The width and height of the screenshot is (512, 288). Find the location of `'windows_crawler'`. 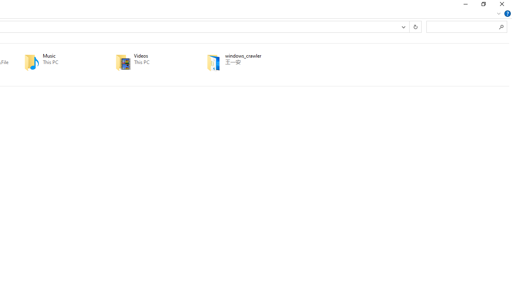

'windows_crawler' is located at coordinates (240, 62).